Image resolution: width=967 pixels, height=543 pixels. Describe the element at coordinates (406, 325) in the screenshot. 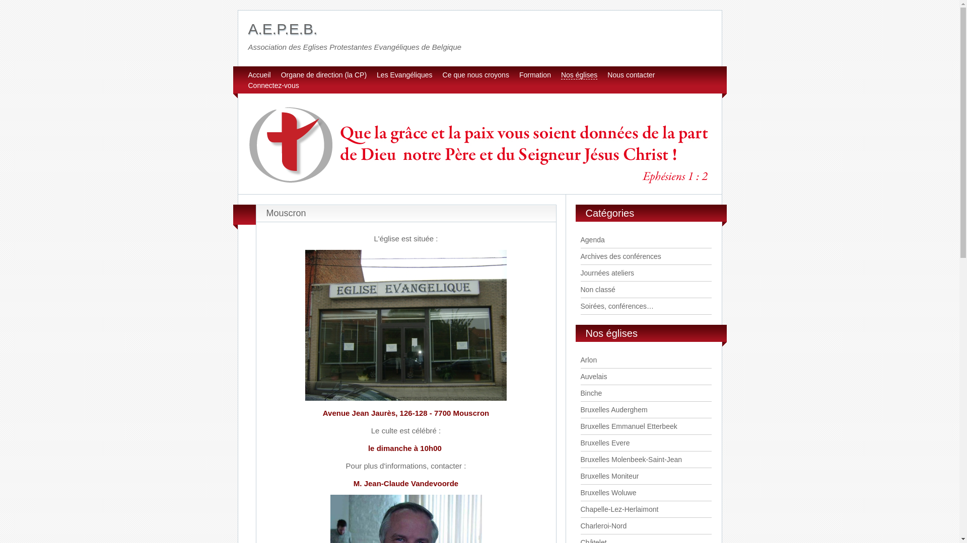

I see `'mouscron'` at that location.